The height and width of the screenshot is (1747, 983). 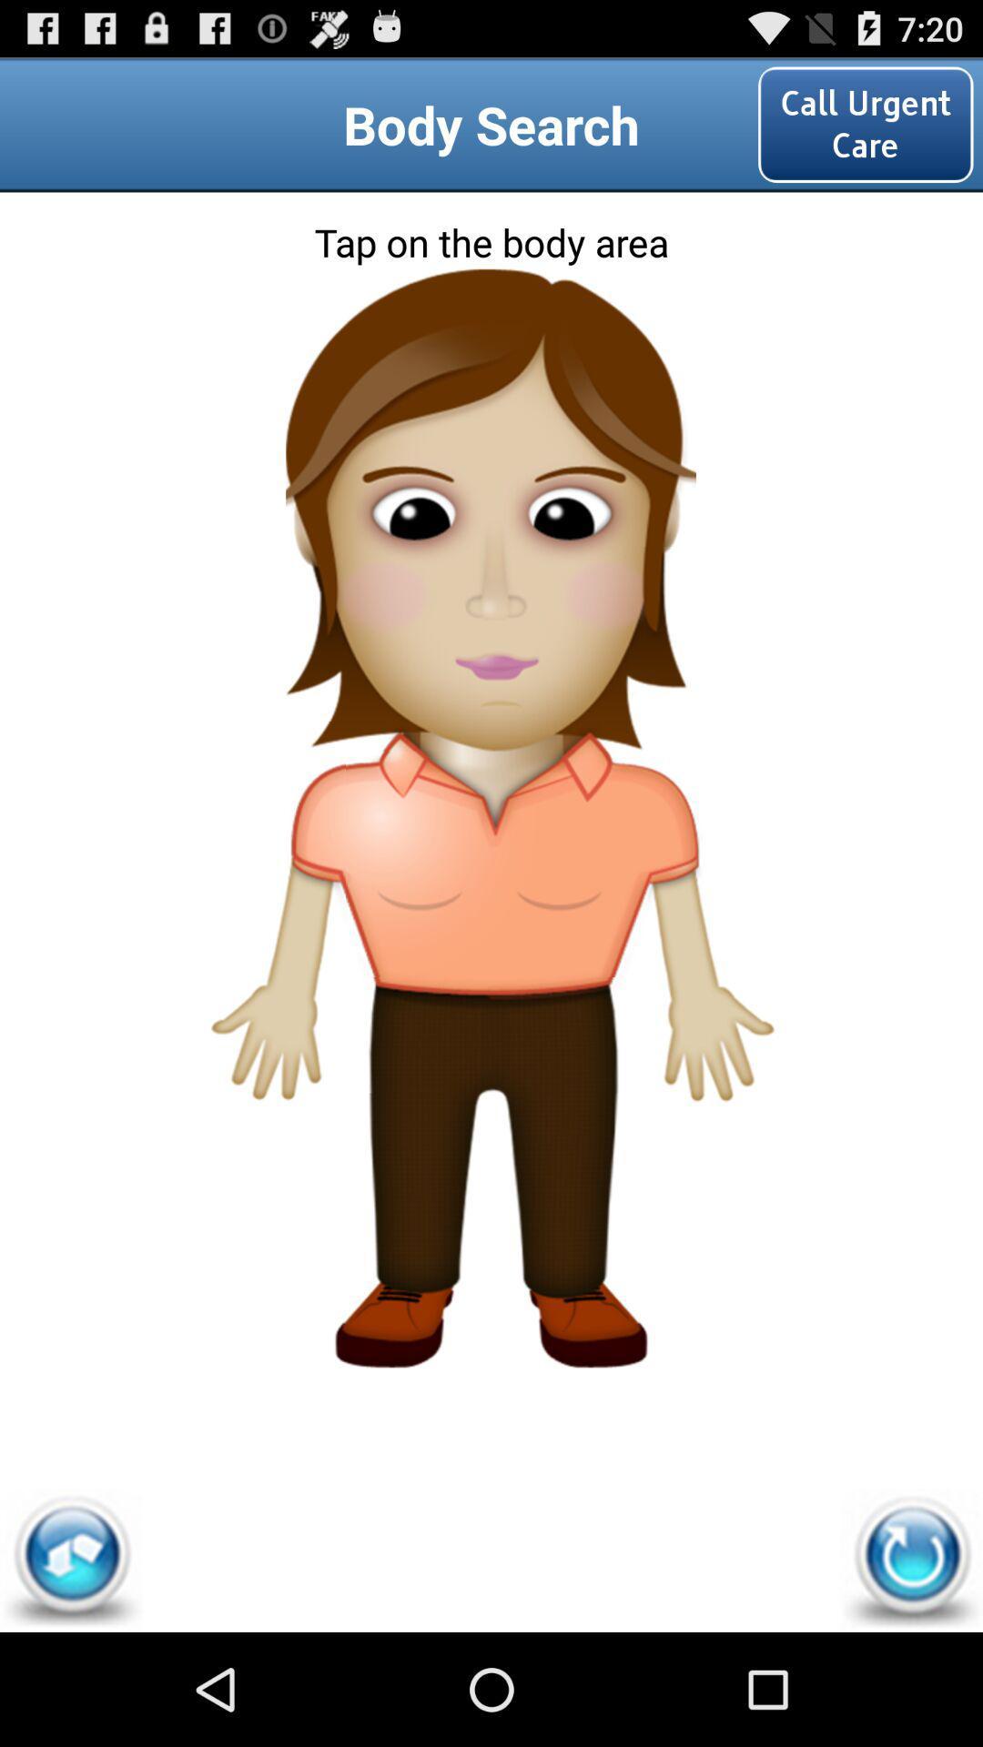 What do you see at coordinates (490, 1035) in the screenshot?
I see `tapping crotch region` at bounding box center [490, 1035].